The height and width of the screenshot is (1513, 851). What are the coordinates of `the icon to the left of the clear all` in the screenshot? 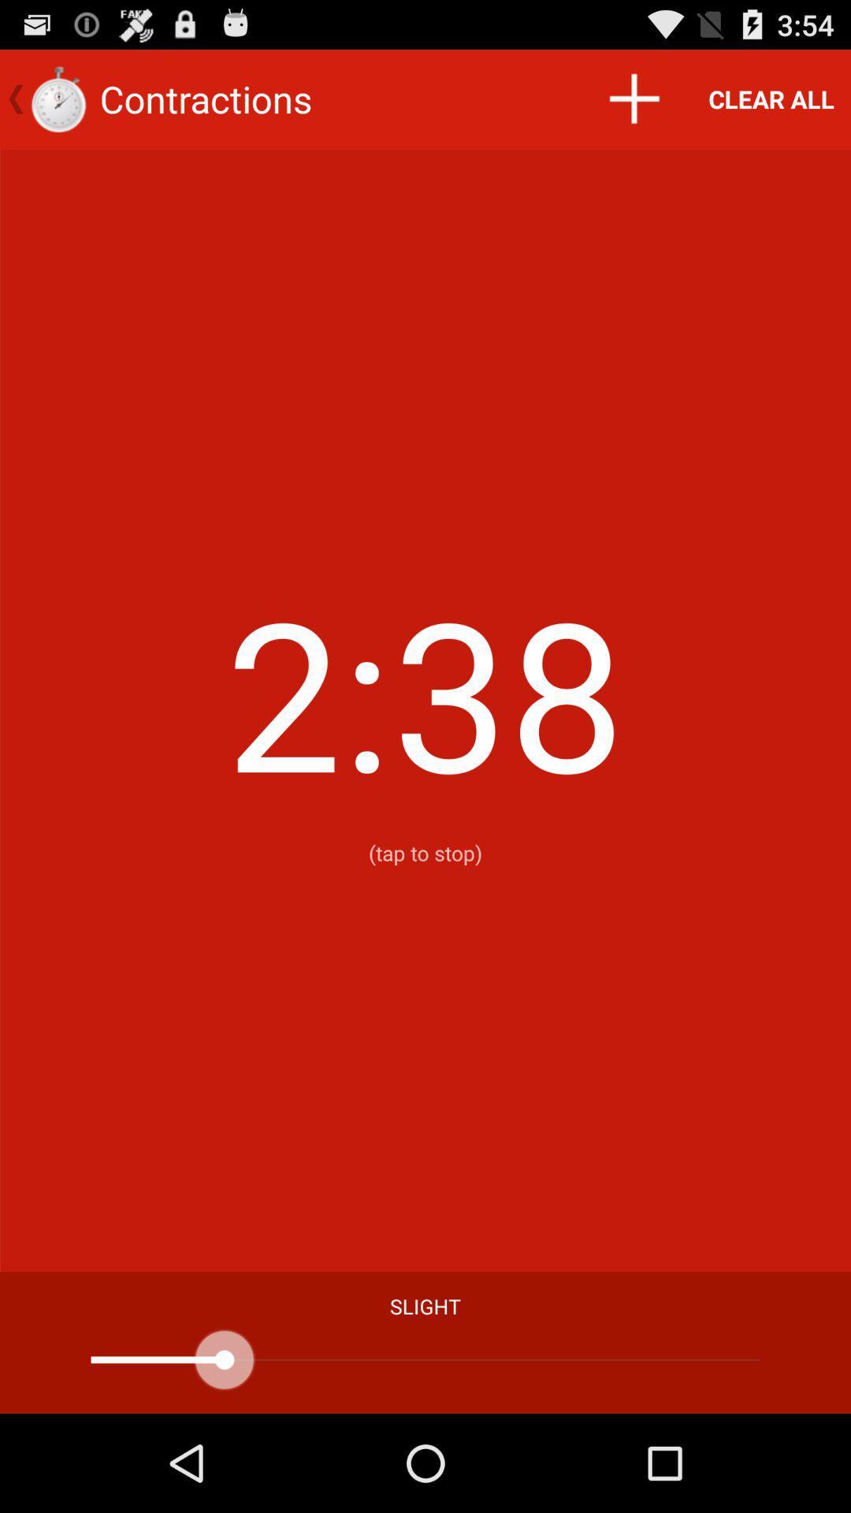 It's located at (633, 98).